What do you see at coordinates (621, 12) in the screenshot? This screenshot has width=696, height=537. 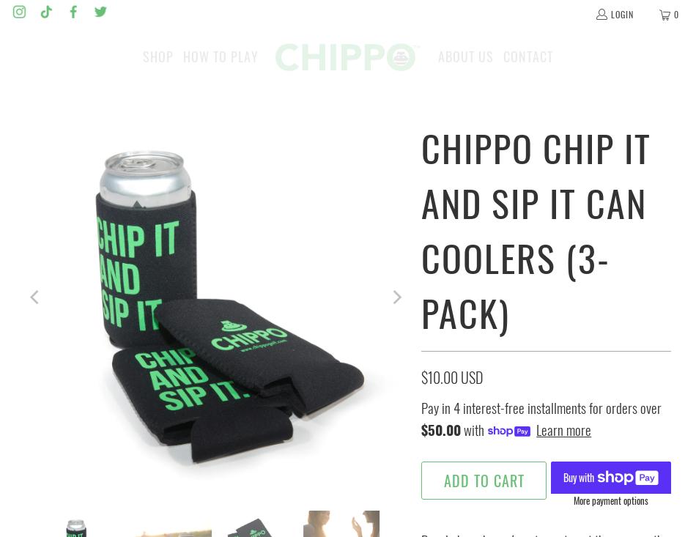 I see `'Login'` at bounding box center [621, 12].